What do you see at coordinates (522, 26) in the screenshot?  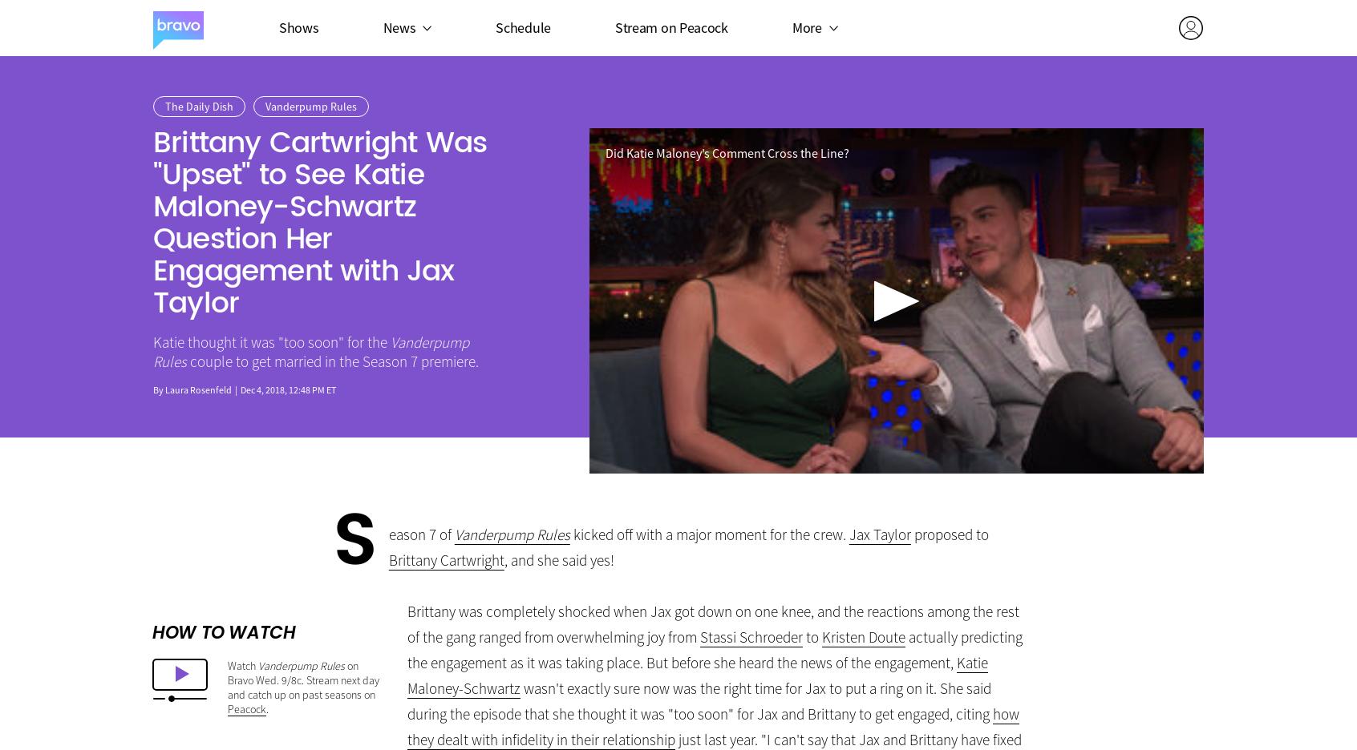 I see `'Schedule'` at bounding box center [522, 26].